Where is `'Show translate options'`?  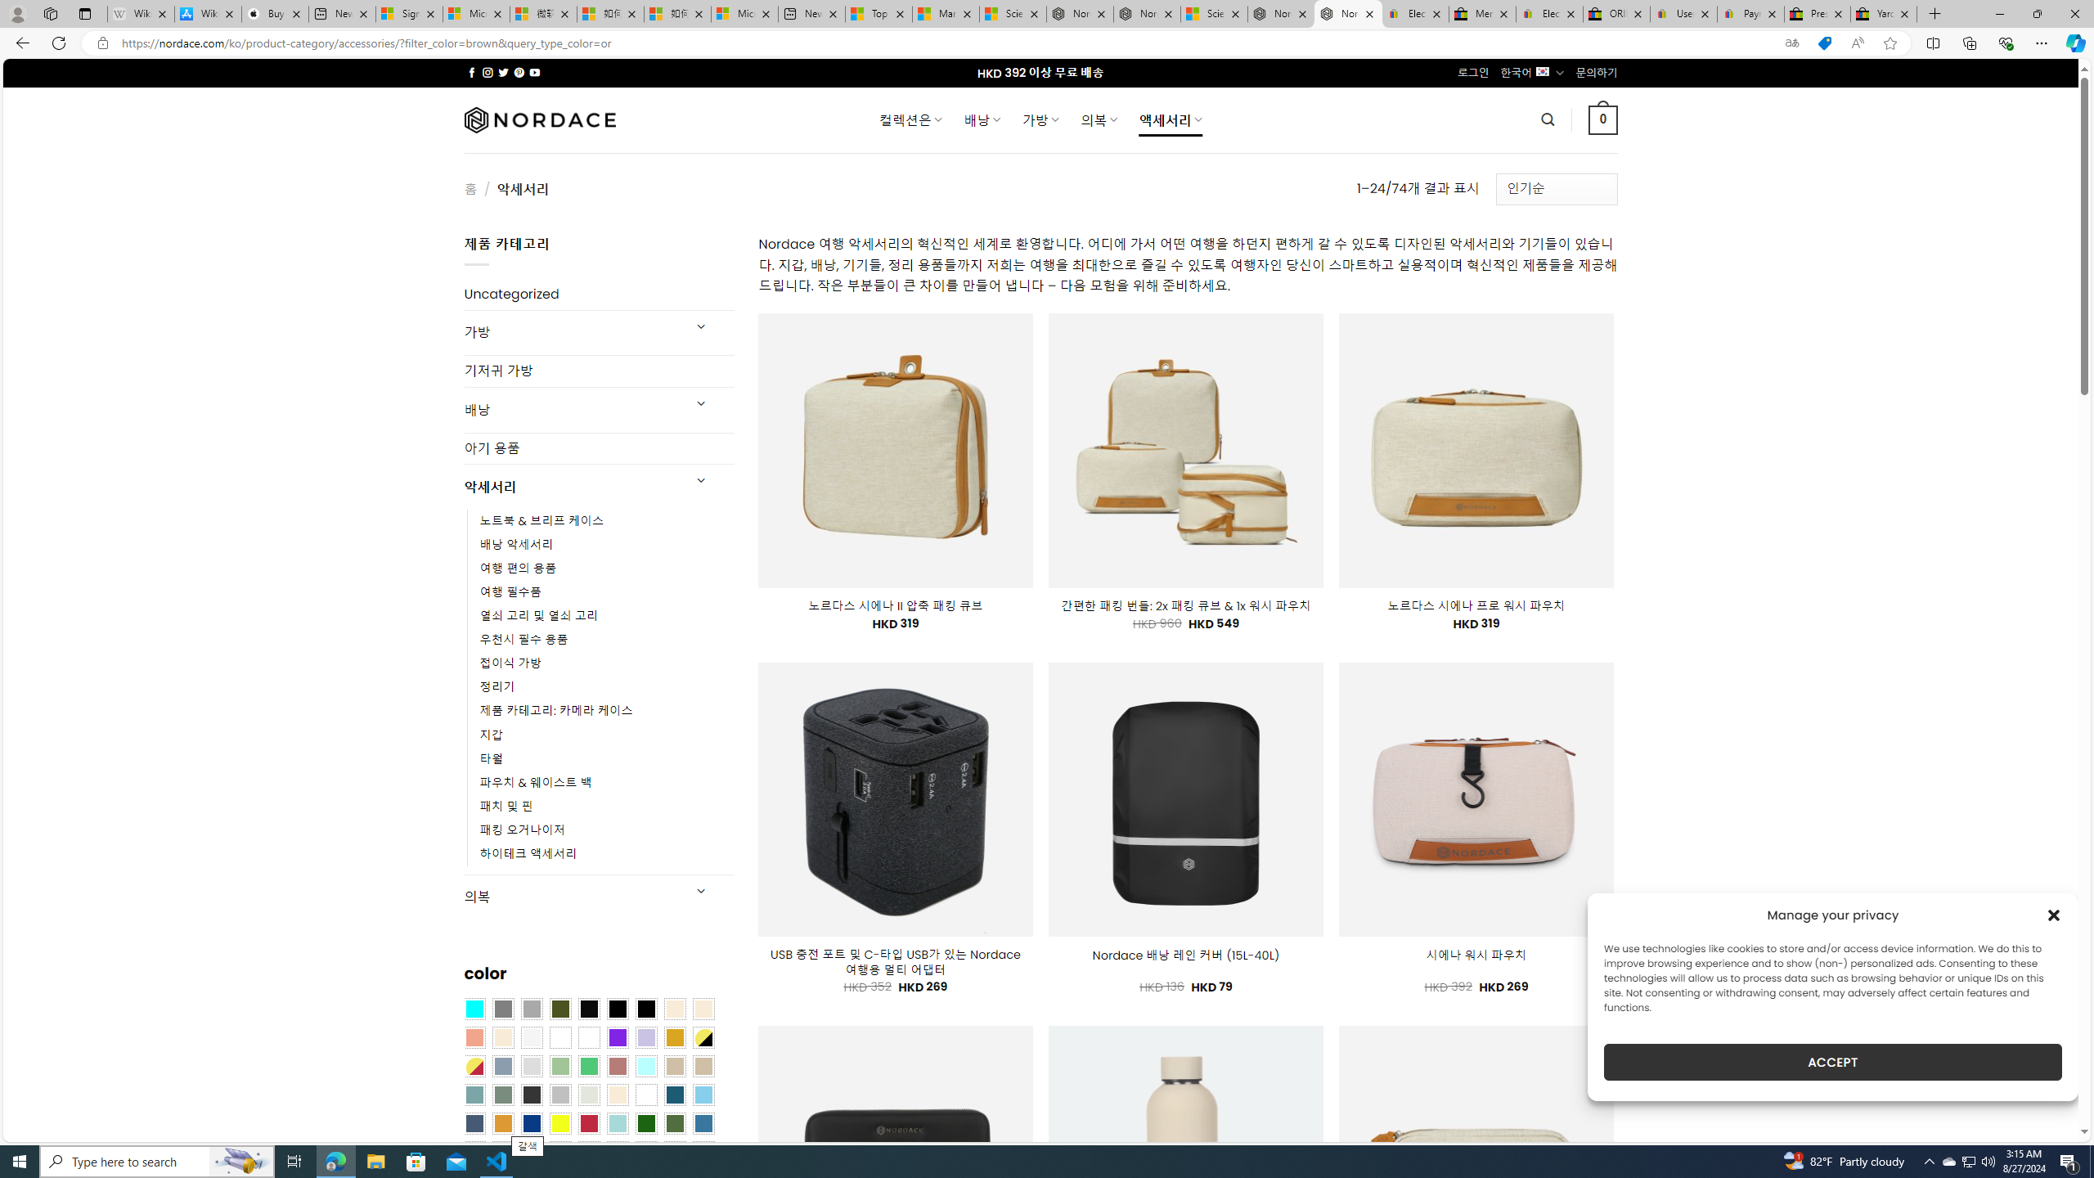 'Show translate options' is located at coordinates (1791, 43).